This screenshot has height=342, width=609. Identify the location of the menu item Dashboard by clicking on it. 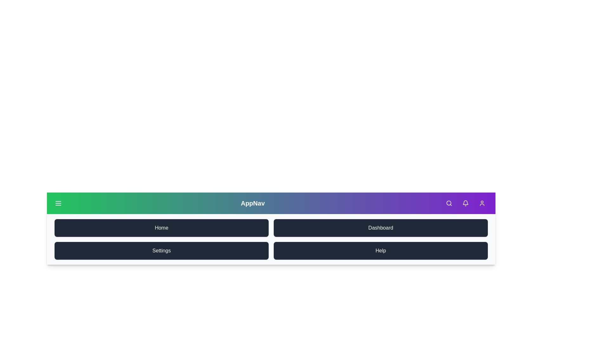
(381, 228).